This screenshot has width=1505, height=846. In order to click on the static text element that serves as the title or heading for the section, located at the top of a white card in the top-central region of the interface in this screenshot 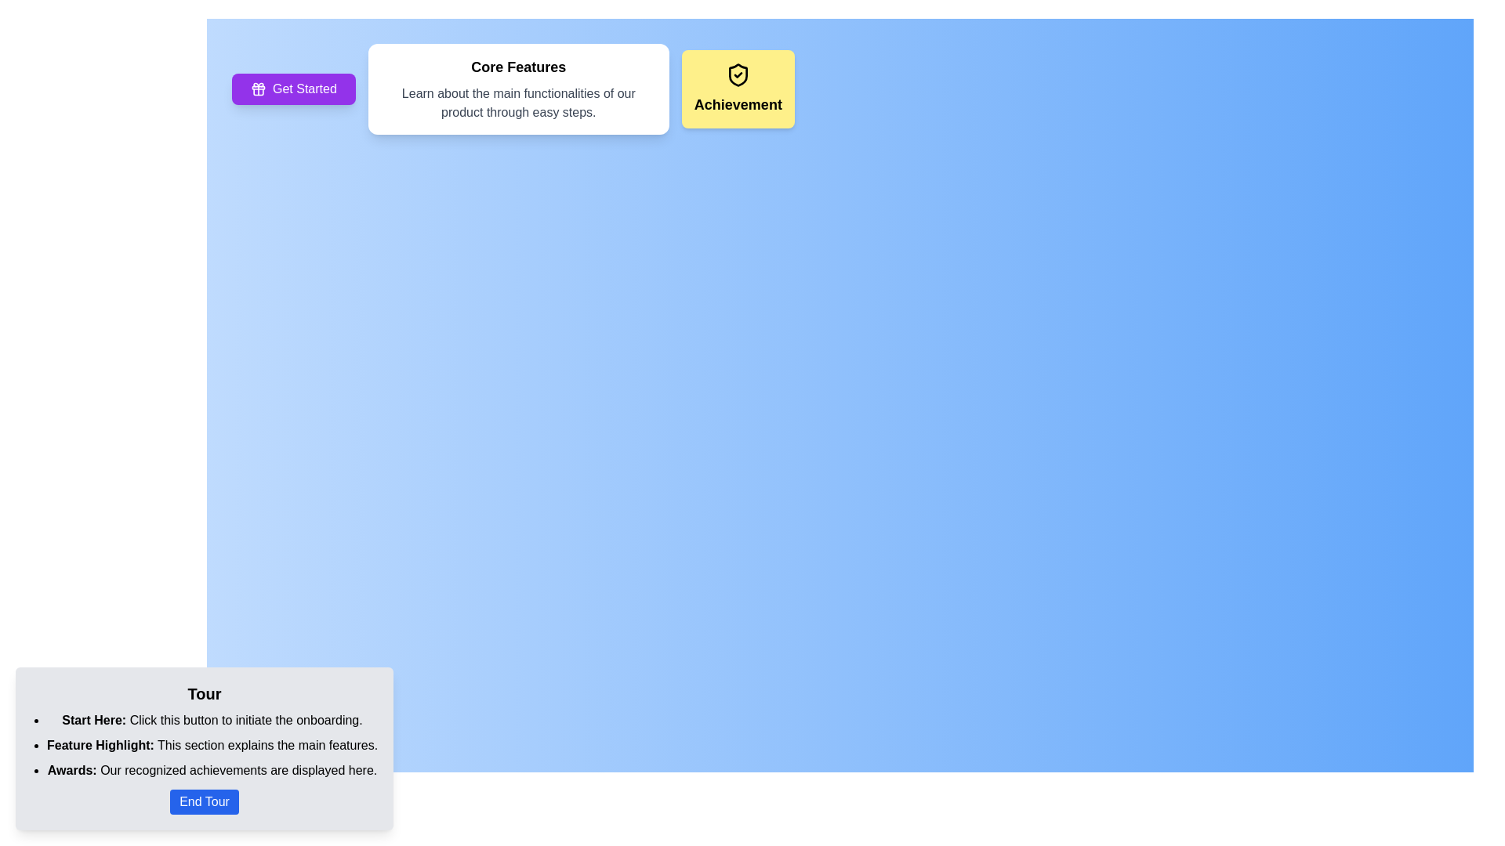, I will do `click(518, 66)`.